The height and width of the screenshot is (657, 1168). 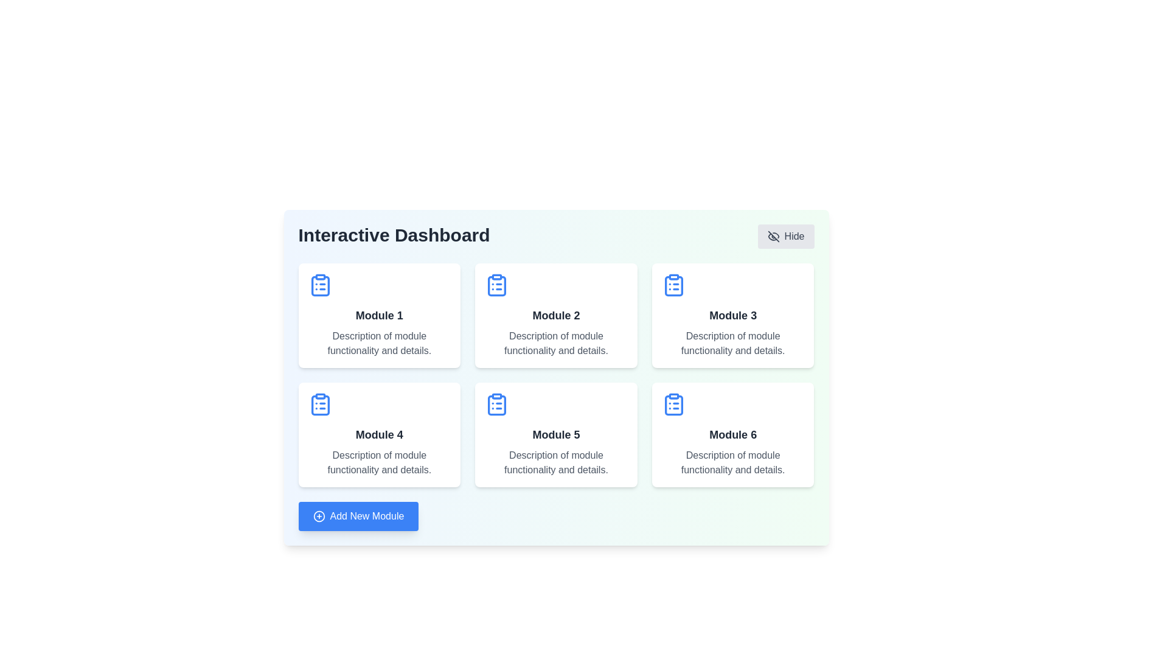 What do you see at coordinates (673, 405) in the screenshot?
I see `the clipboard icon located in the bottom-right module of the sixth module card in the grid layout` at bounding box center [673, 405].